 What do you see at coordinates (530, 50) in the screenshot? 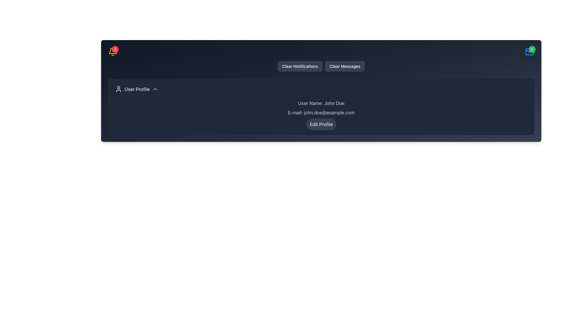
I see `the triangular detail at the top-right corner of the envelope icon, which depicts the flap of the envelope` at bounding box center [530, 50].